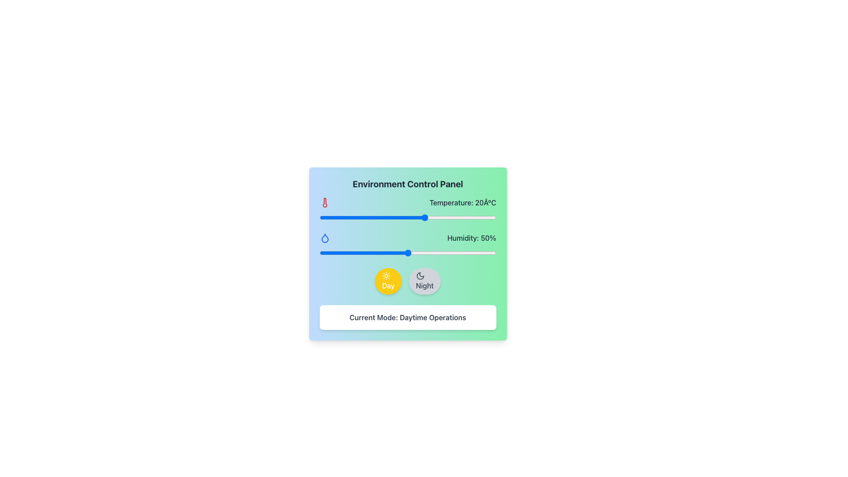  What do you see at coordinates (347, 218) in the screenshot?
I see `the temperature` at bounding box center [347, 218].